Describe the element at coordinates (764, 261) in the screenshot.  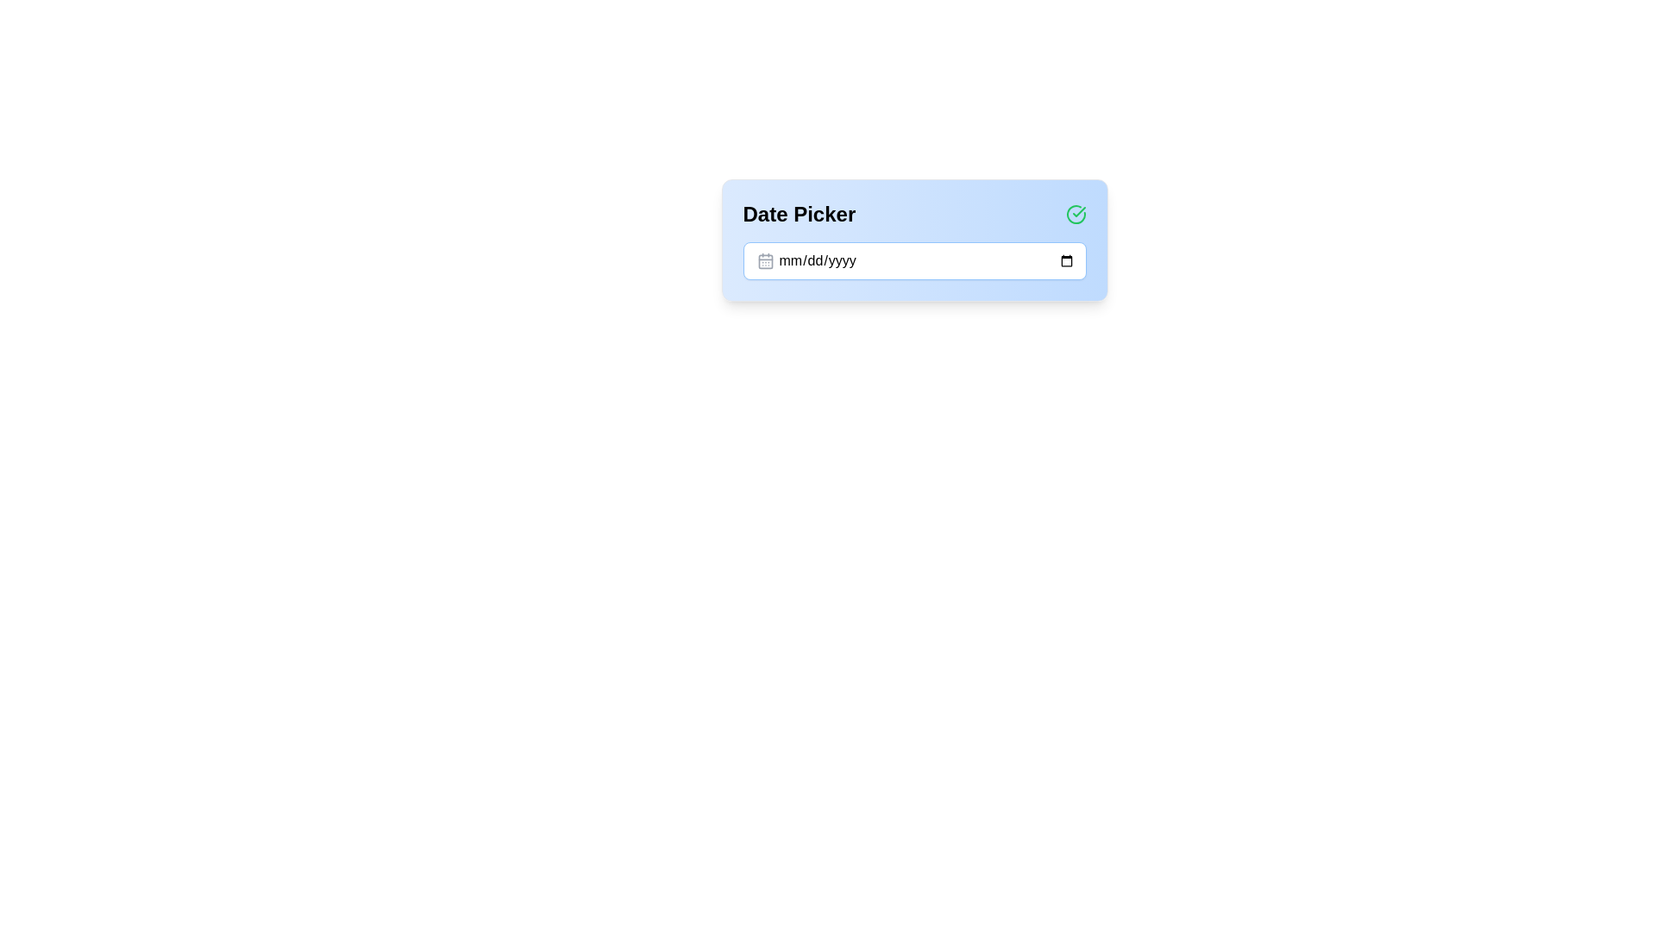
I see `the minimalistic gray calendar icon located to the left of the 'mm/dd/yyyy' text input field to initiate the date selection modal` at that location.